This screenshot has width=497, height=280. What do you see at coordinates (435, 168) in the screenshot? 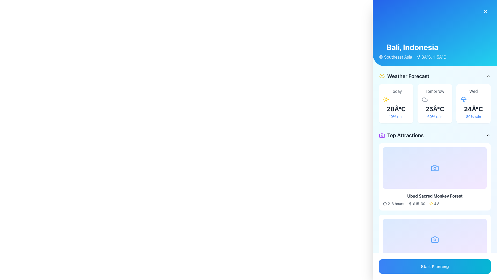
I see `the blue camera icon with a modern outline style, which is centered within a light purple gradient background in the 'Top Attractions' section` at bounding box center [435, 168].